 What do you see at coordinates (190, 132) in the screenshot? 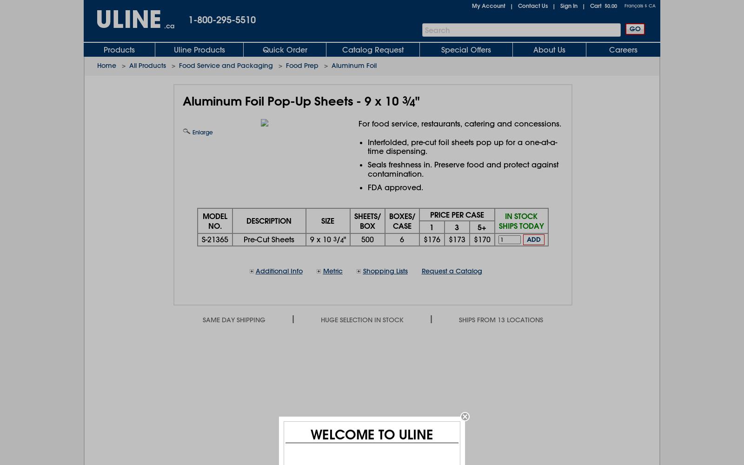
I see `'Enlarge'` at bounding box center [190, 132].